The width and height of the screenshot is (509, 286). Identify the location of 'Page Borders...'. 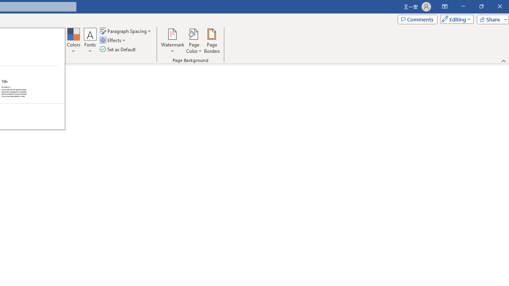
(212, 41).